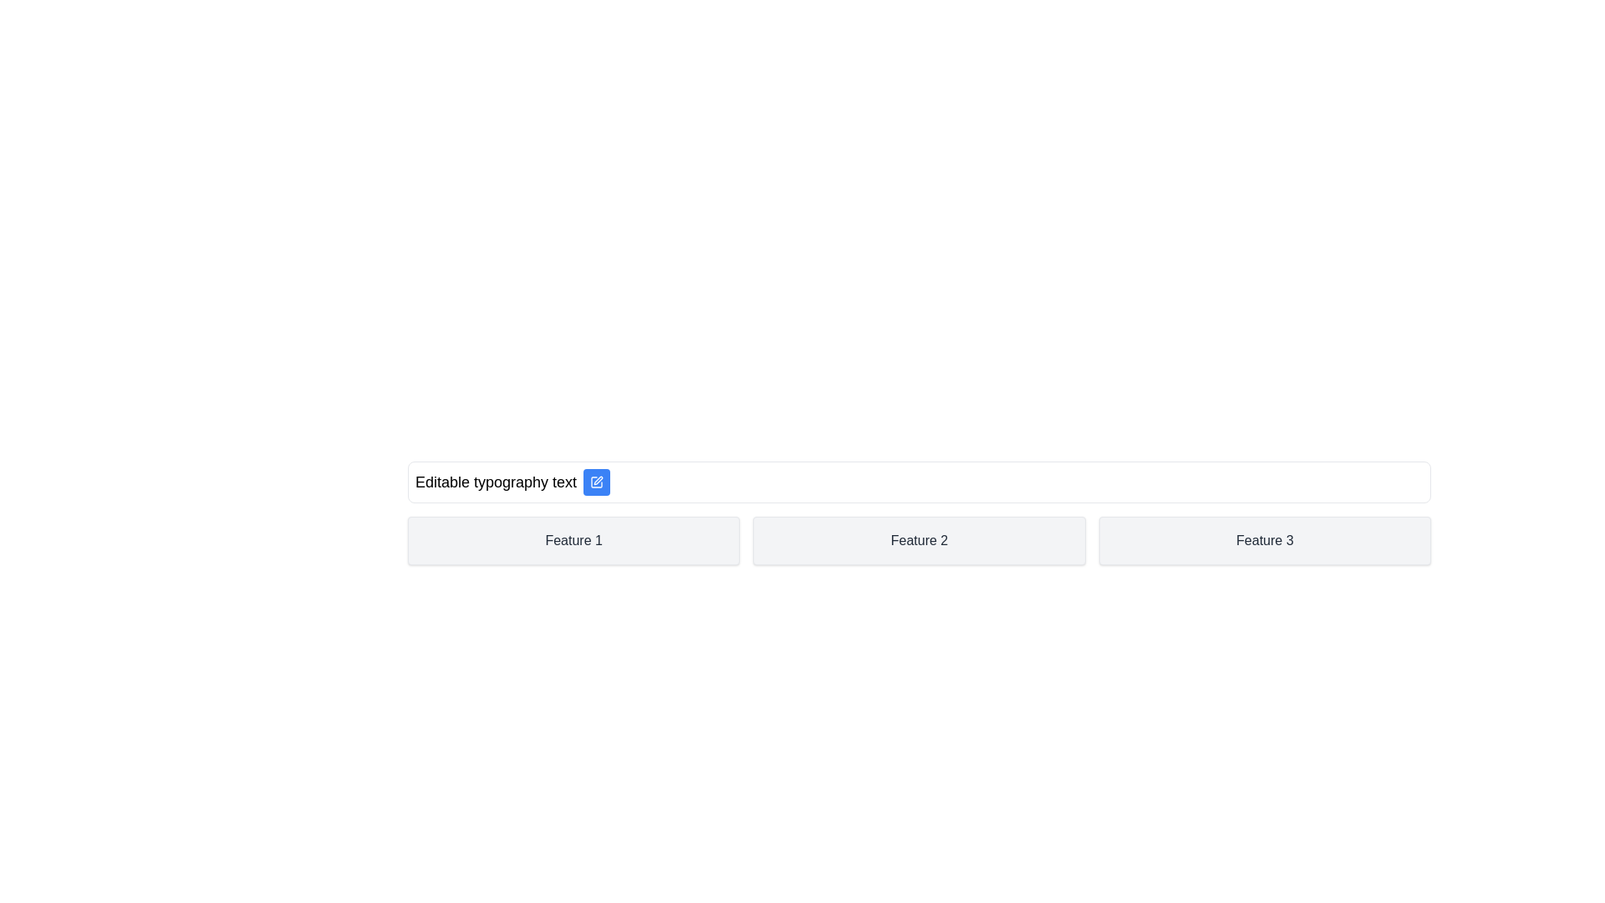  Describe the element at coordinates (599, 480) in the screenshot. I see `the pen icon located to the right of the 'Editable typography text' field` at that location.